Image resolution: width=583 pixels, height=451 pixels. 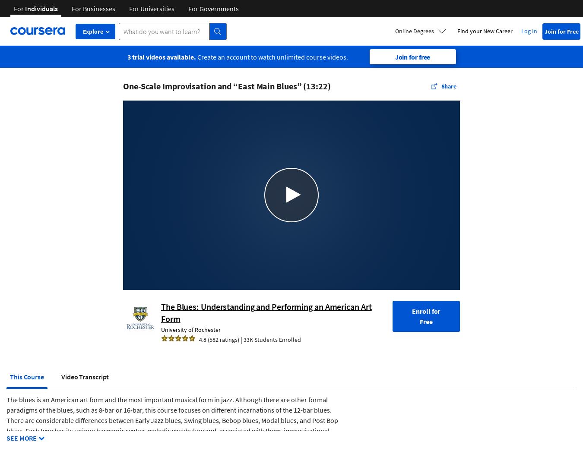 What do you see at coordinates (9, 375) in the screenshot?
I see `'This Course'` at bounding box center [9, 375].